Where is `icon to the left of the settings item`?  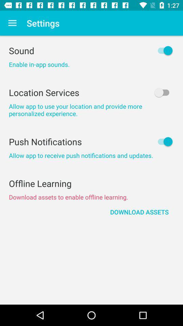
icon to the left of the settings item is located at coordinates (12, 23).